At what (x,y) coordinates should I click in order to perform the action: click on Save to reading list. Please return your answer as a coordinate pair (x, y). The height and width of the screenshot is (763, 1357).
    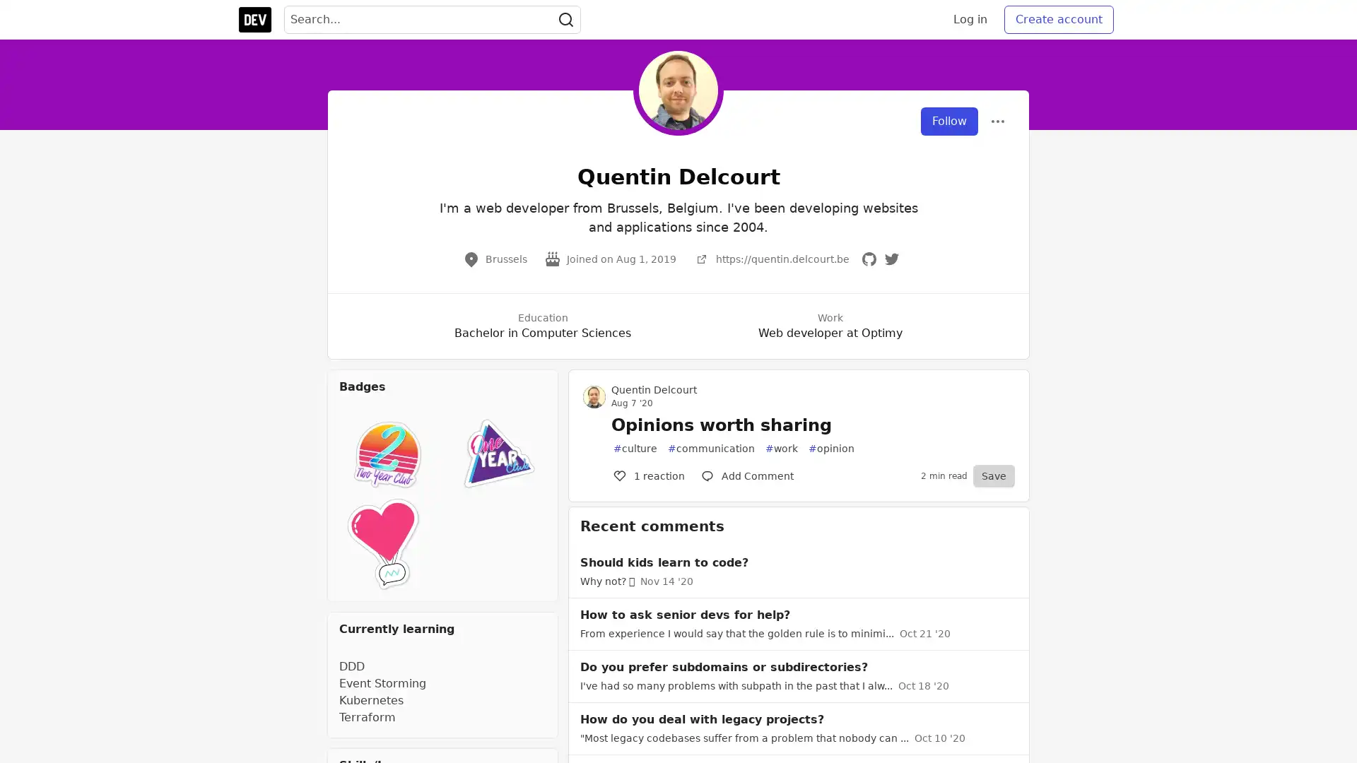
    Looking at the image, I should click on (993, 476).